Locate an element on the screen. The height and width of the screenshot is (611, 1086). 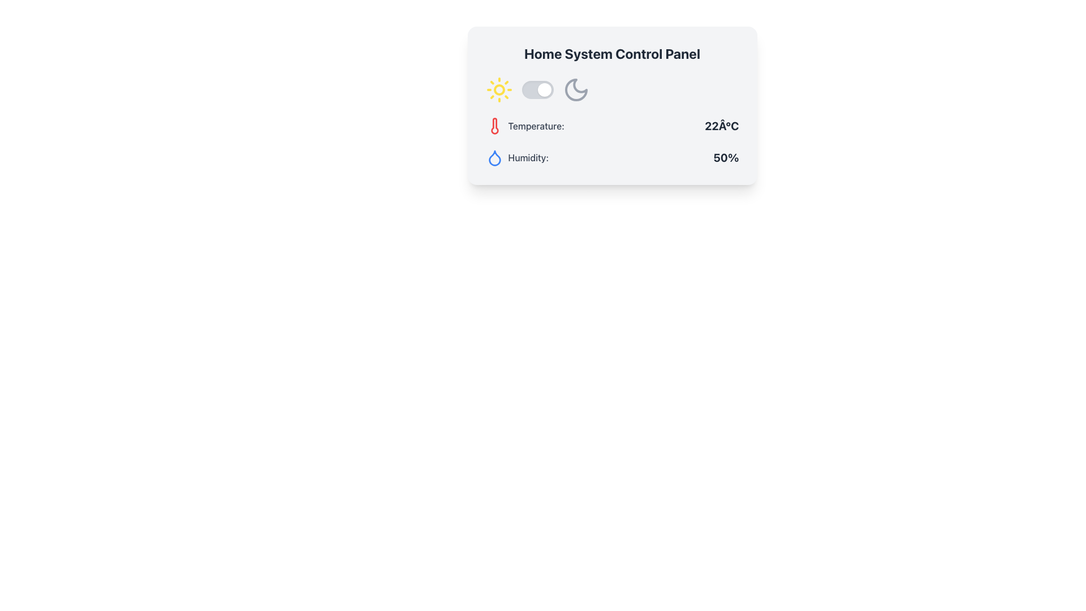
the Information Display that shows the current temperature and humidity values in the Home System Control Panel is located at coordinates (611, 122).